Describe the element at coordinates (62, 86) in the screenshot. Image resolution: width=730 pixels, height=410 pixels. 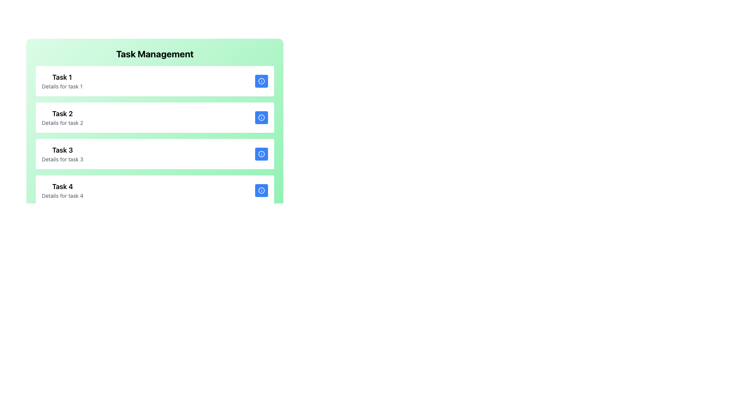
I see `the Text label that provides additional details for 'Task 1', positioned directly below the heading 'Task 1' in the upper-left quadrant of the application interface` at that location.